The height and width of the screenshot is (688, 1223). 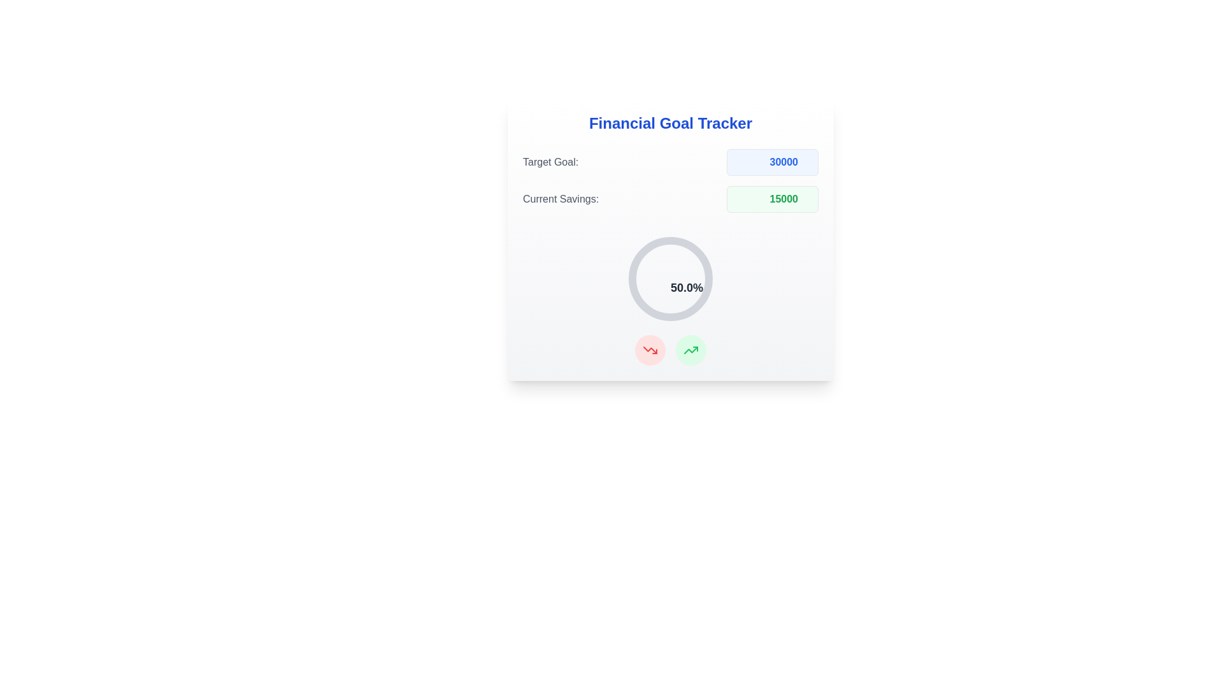 I want to click on the Information display block displaying the target financial goal of '30000', located at the top of the 'Target Goal' section in the Financial Goal Tracker interface, so click(x=669, y=161).